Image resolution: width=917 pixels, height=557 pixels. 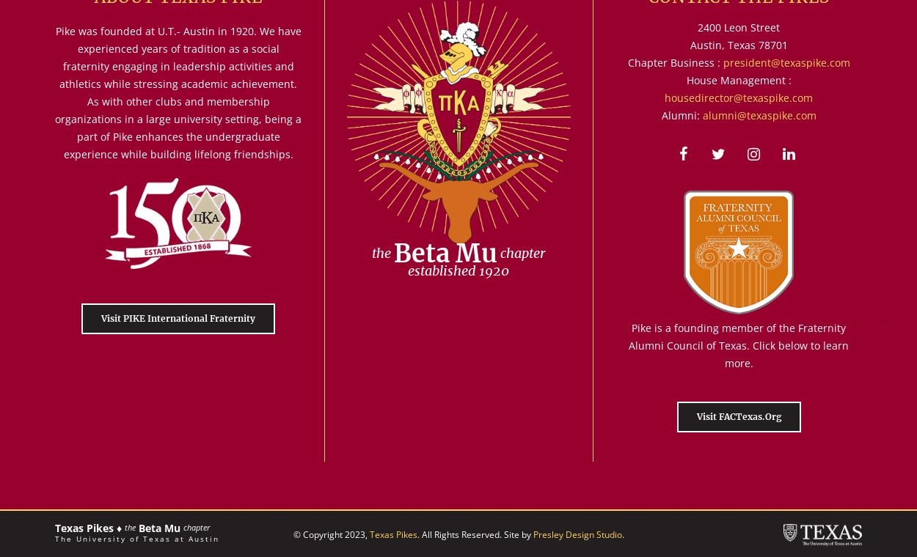 I want to click on 'Presley Design Studio', so click(x=577, y=534).